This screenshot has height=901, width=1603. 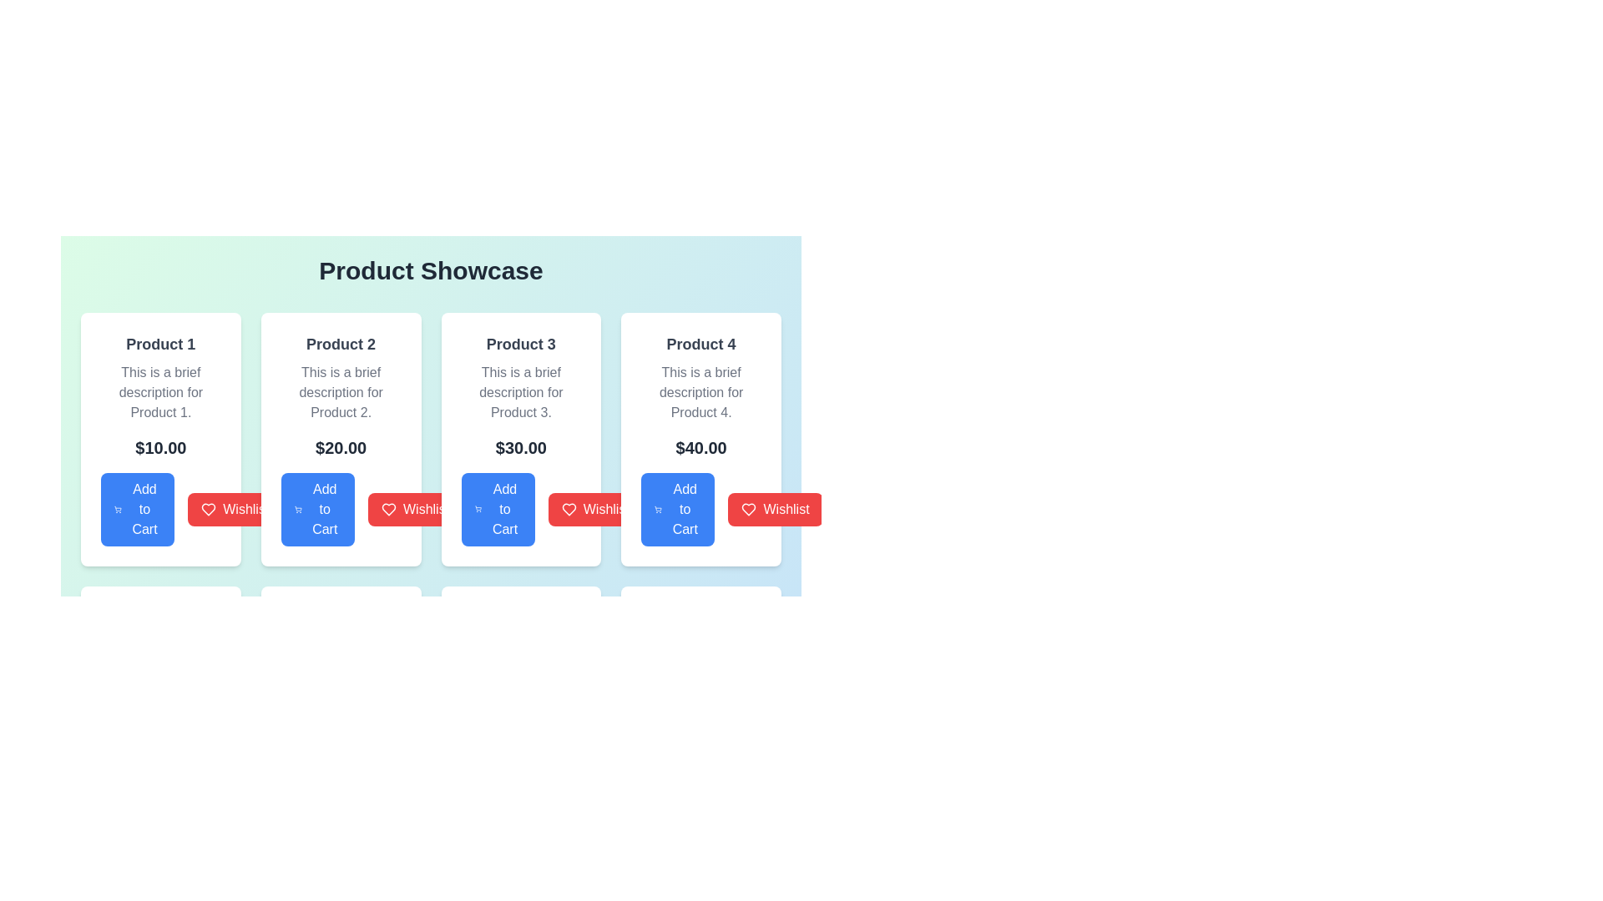 What do you see at coordinates (701, 392) in the screenshot?
I see `the text description of 'Product 4', which is located beneath the title and above the price information and buttons in the card layout` at bounding box center [701, 392].